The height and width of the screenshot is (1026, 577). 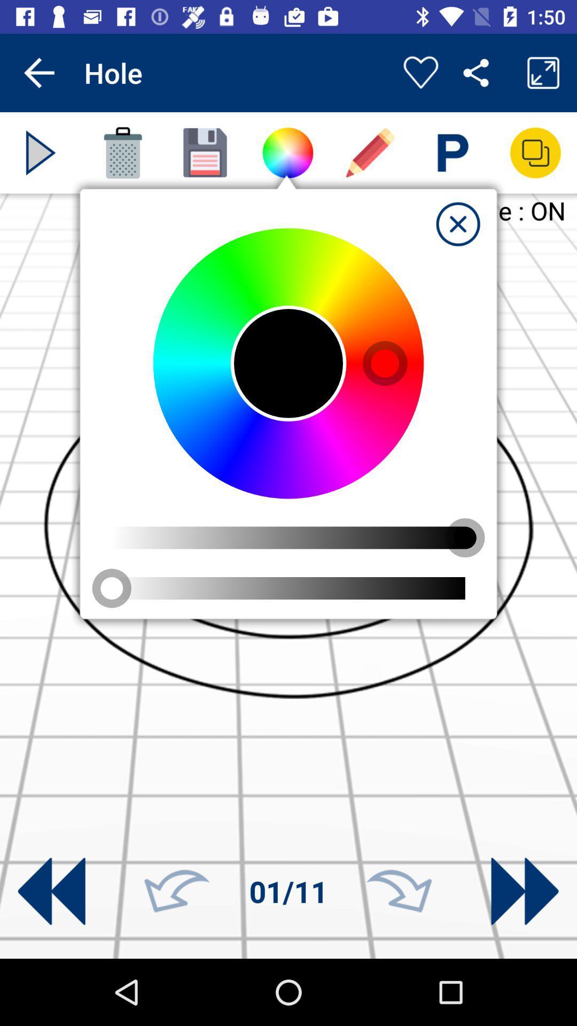 I want to click on the application function, so click(x=457, y=223).